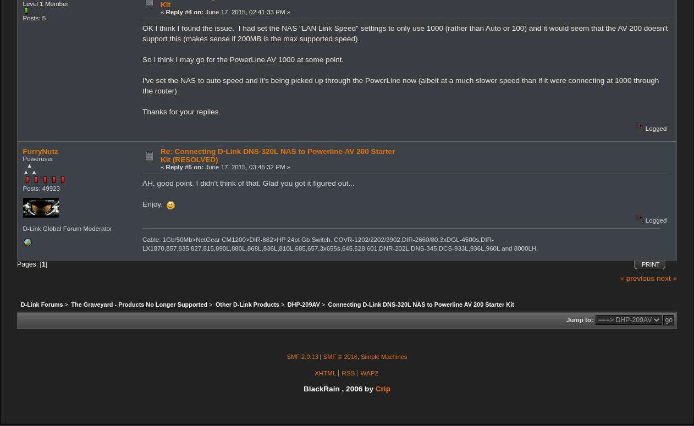 The width and height of the screenshot is (694, 426). What do you see at coordinates (248, 182) in the screenshot?
I see `'AH, good point. I didn't think of that. Glad you got it figured out...'` at bounding box center [248, 182].